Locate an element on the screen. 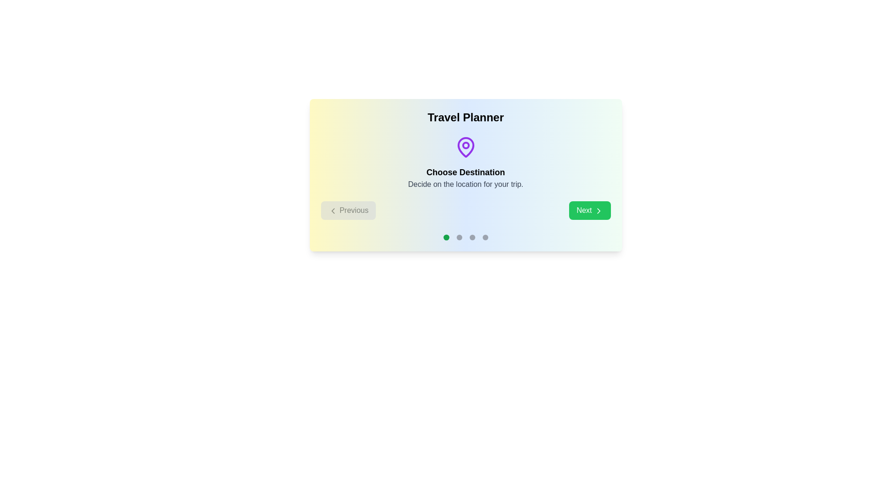 The height and width of the screenshot is (502, 892). bold text label that says 'Choose Destination', which is positioned below a location pin icon and above a description text is located at coordinates (466, 172).